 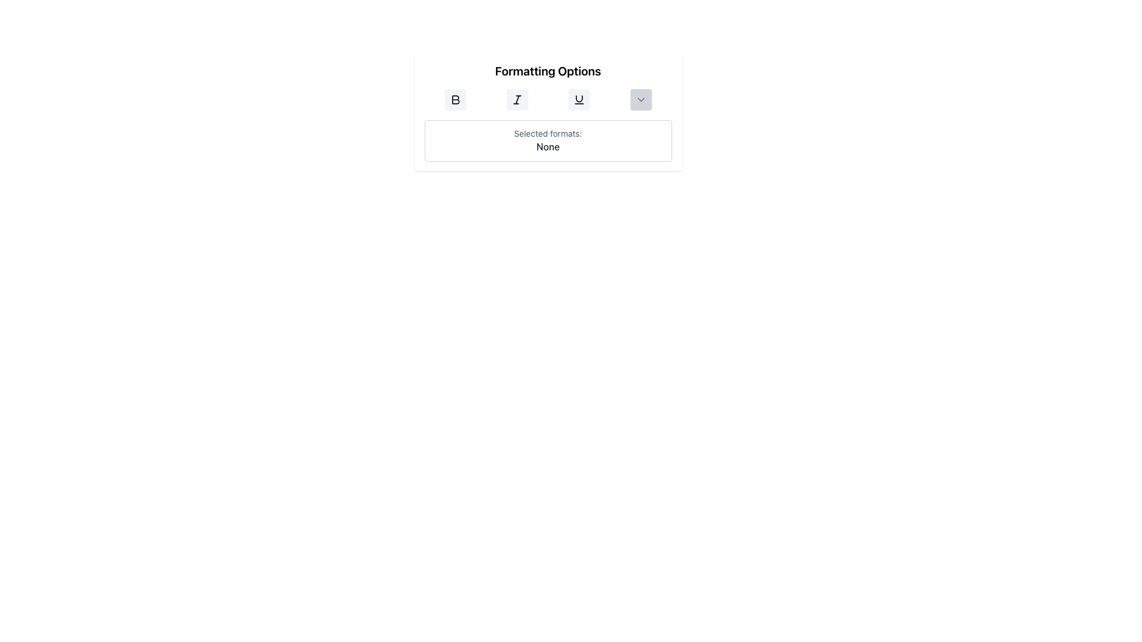 What do you see at coordinates (547, 140) in the screenshot?
I see `the display box containing the text 'Selected formats: None', which is located below the formatting buttons 'B', 'I', and 'U'` at bounding box center [547, 140].